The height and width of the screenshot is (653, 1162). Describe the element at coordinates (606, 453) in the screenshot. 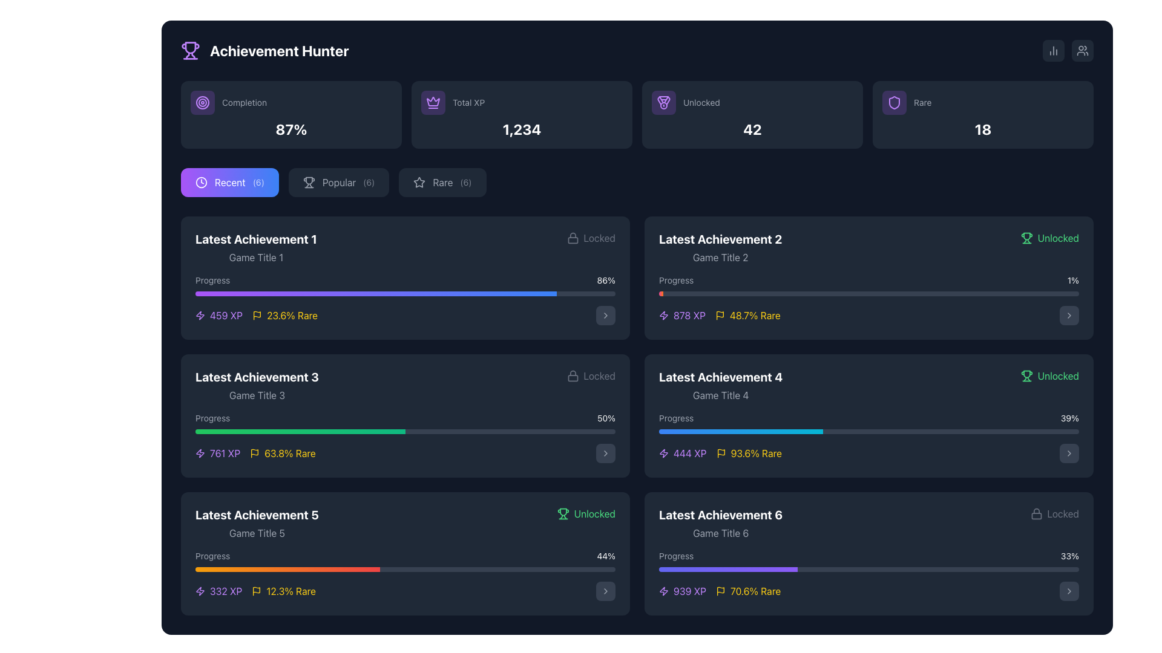

I see `the navigational button located in the bottom-right corner of the 'Latest Achievement 3' section` at that location.